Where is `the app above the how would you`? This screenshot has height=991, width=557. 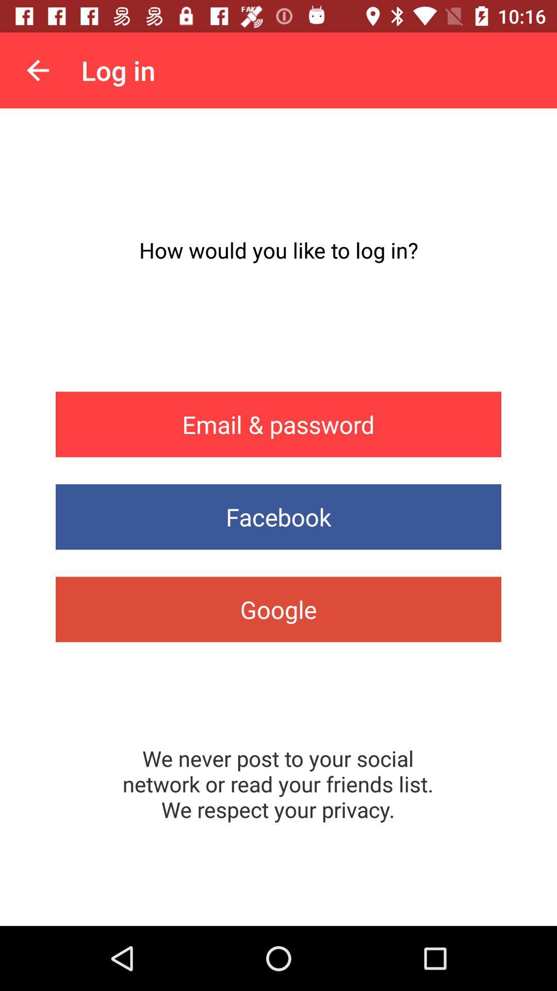
the app above the how would you is located at coordinates (37, 70).